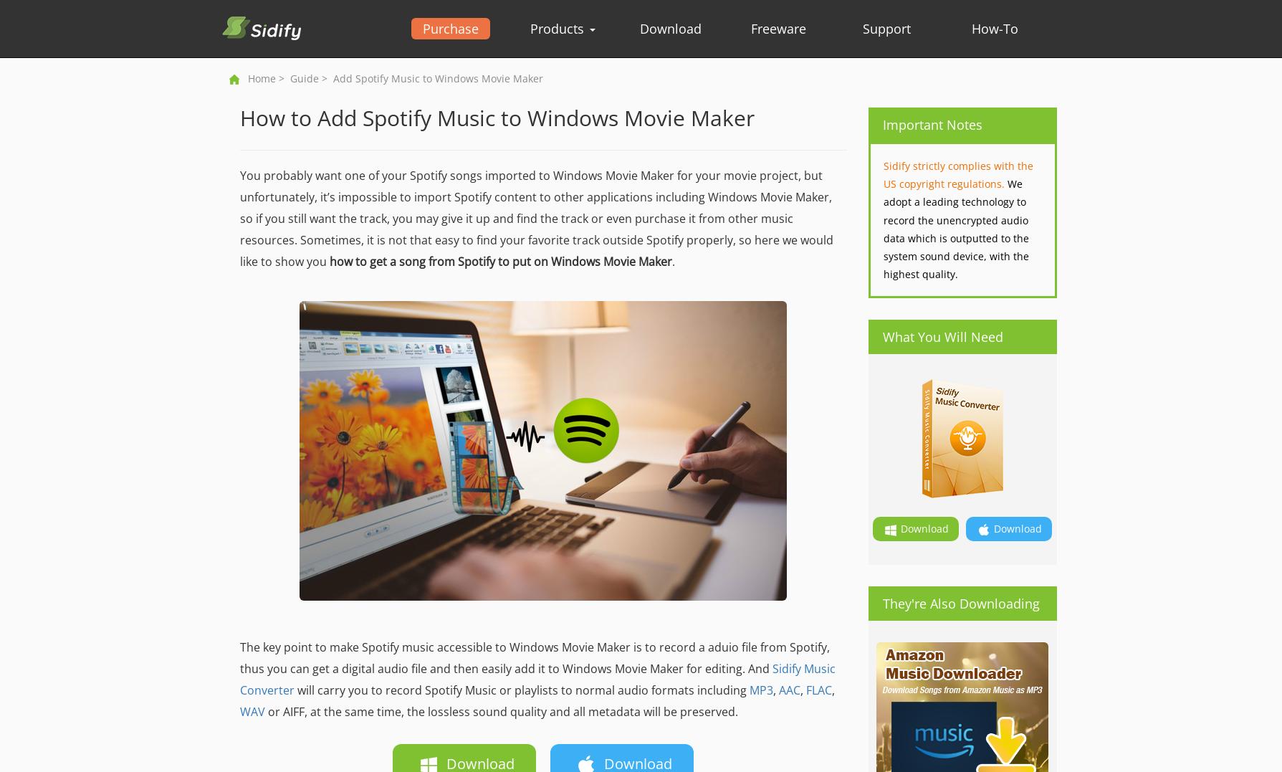 This screenshot has height=772, width=1282. What do you see at coordinates (817, 690) in the screenshot?
I see `'FLAC'` at bounding box center [817, 690].